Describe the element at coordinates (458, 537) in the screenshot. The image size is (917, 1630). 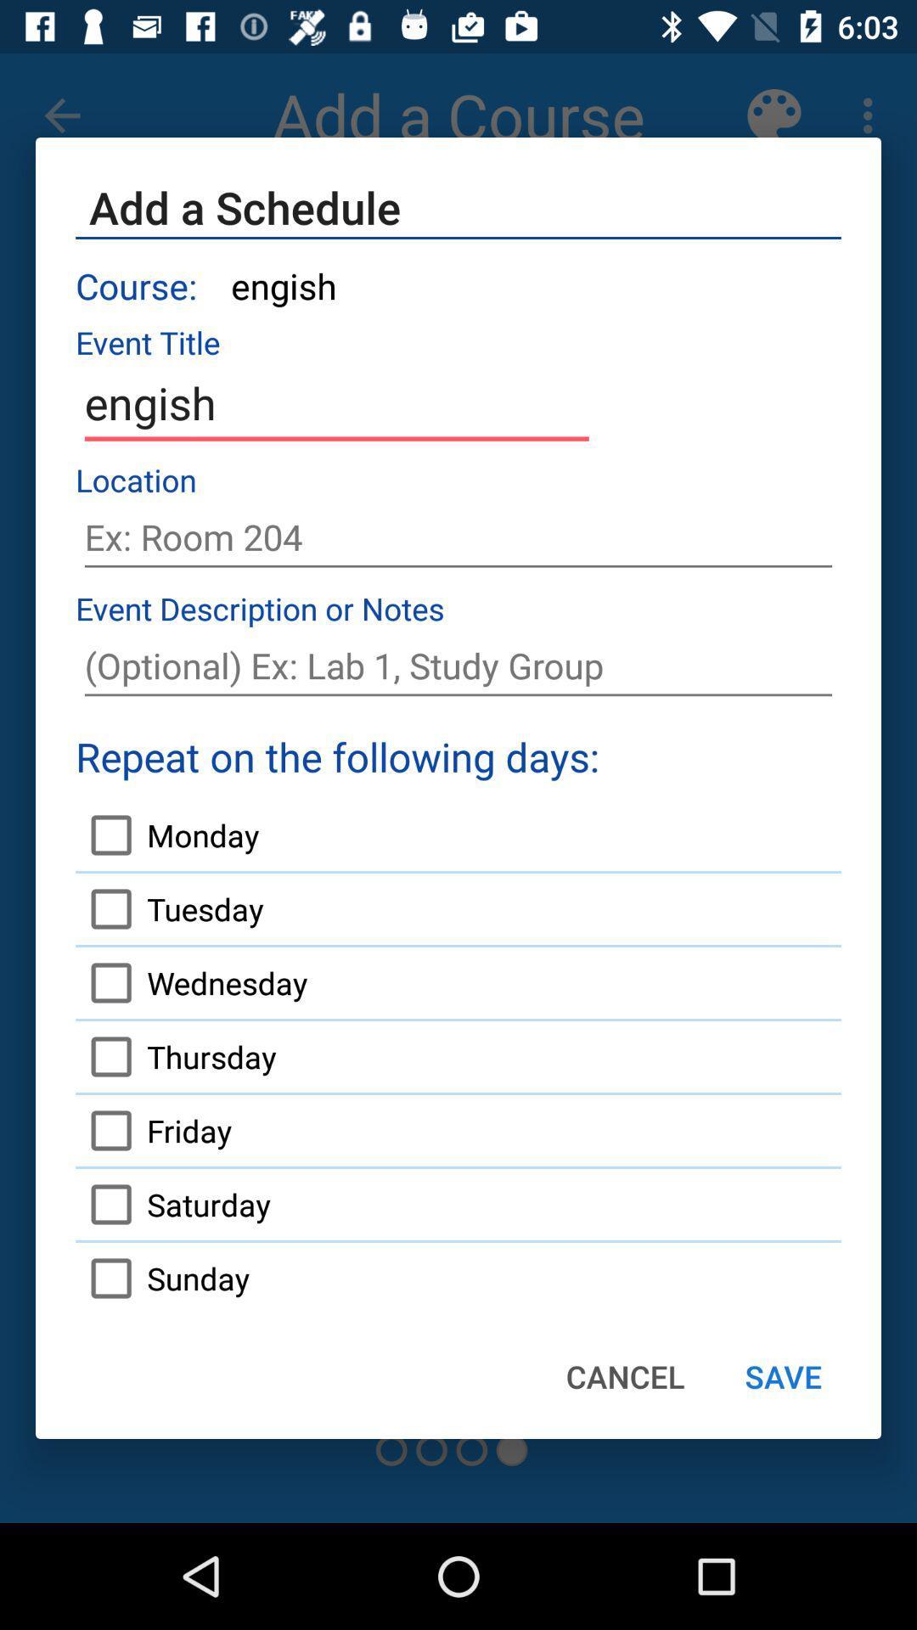
I see `text box to add schedule location` at that location.